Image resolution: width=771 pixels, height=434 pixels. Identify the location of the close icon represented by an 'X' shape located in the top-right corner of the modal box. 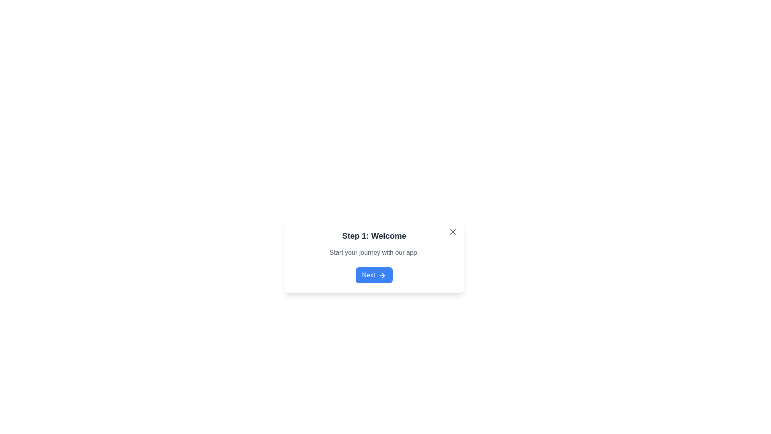
(453, 232).